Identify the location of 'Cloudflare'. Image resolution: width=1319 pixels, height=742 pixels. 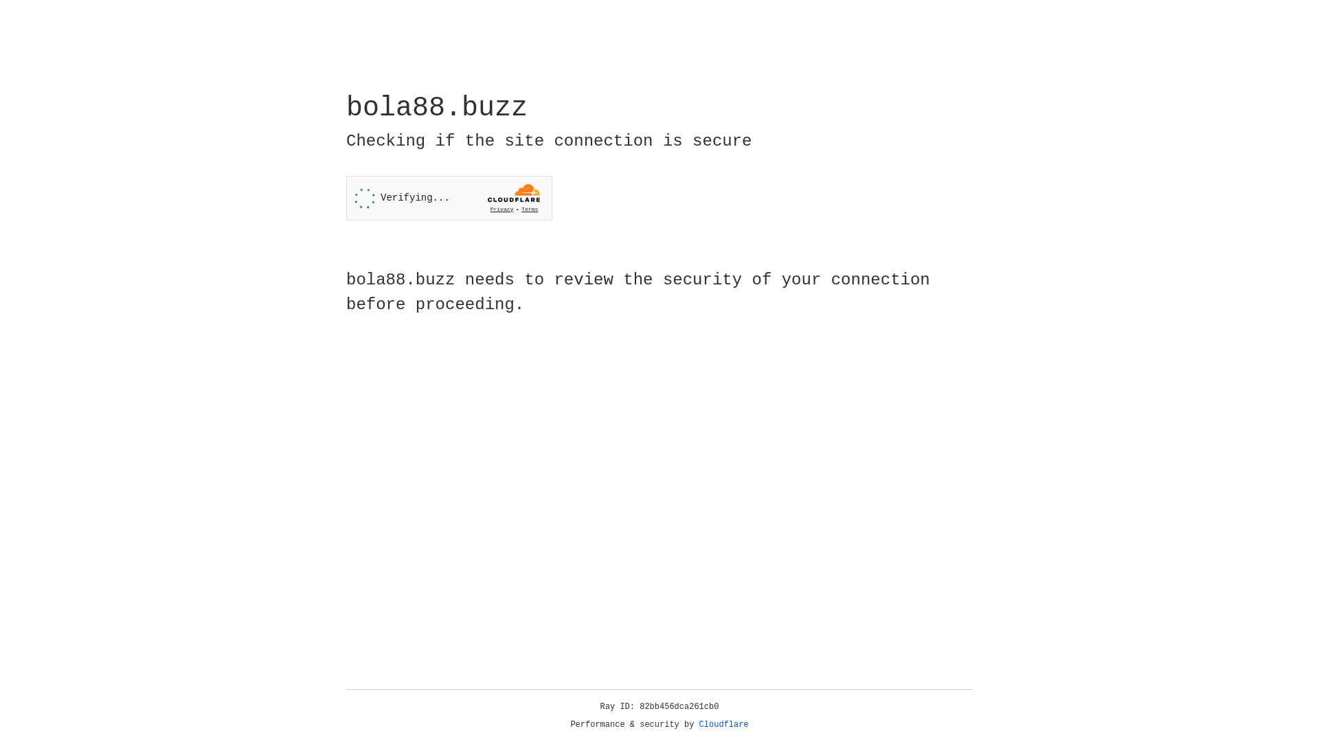
(699, 724).